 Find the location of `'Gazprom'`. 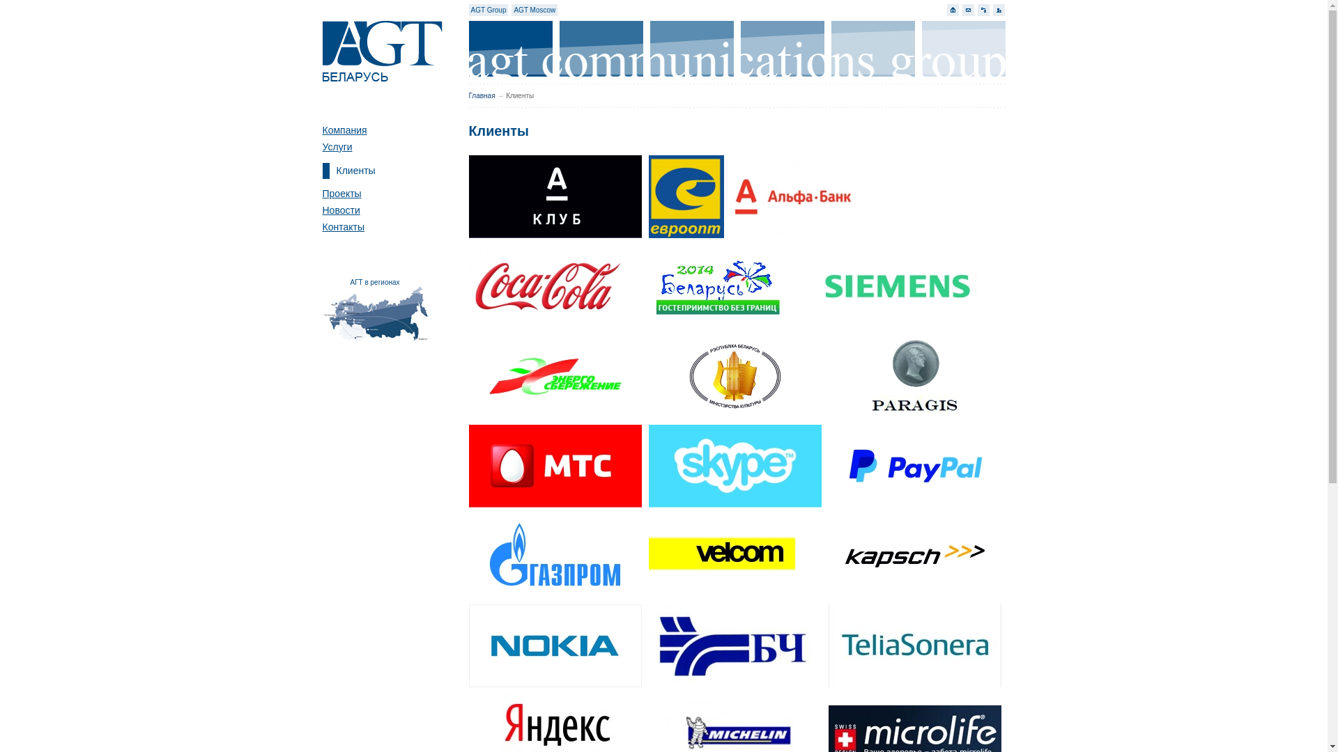

'Gazprom' is located at coordinates (554, 555).